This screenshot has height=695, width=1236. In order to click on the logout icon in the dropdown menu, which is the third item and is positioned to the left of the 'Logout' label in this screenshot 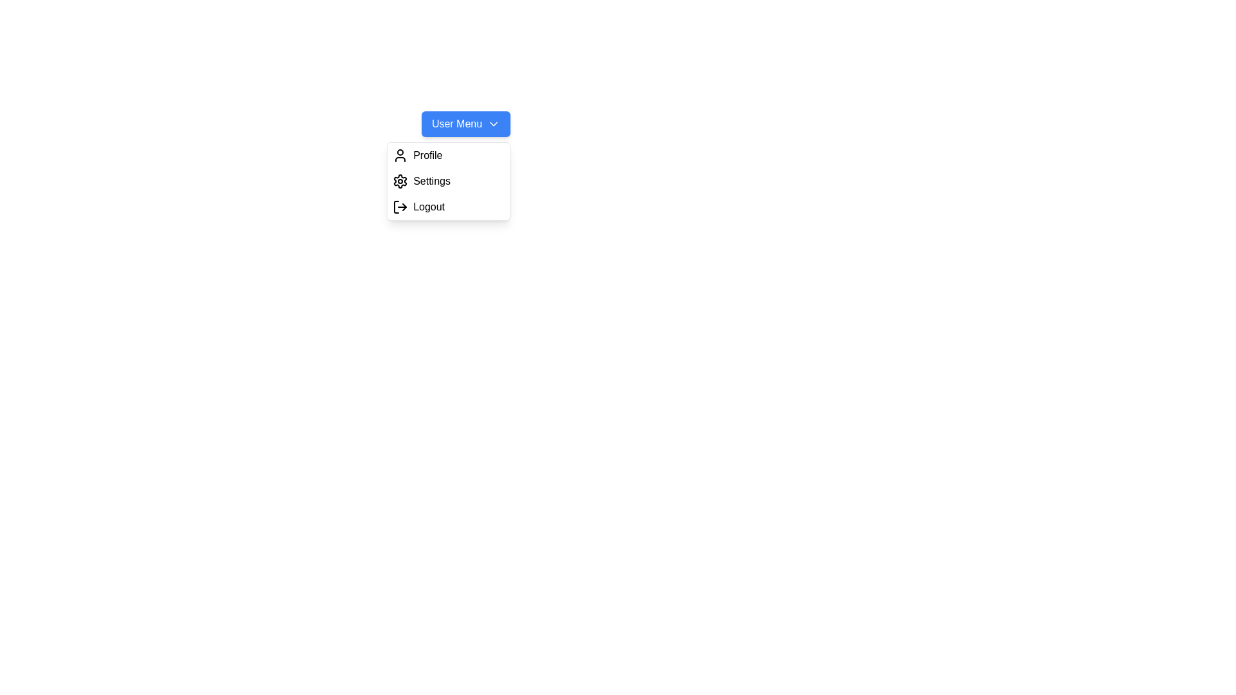, I will do `click(404, 206)`.